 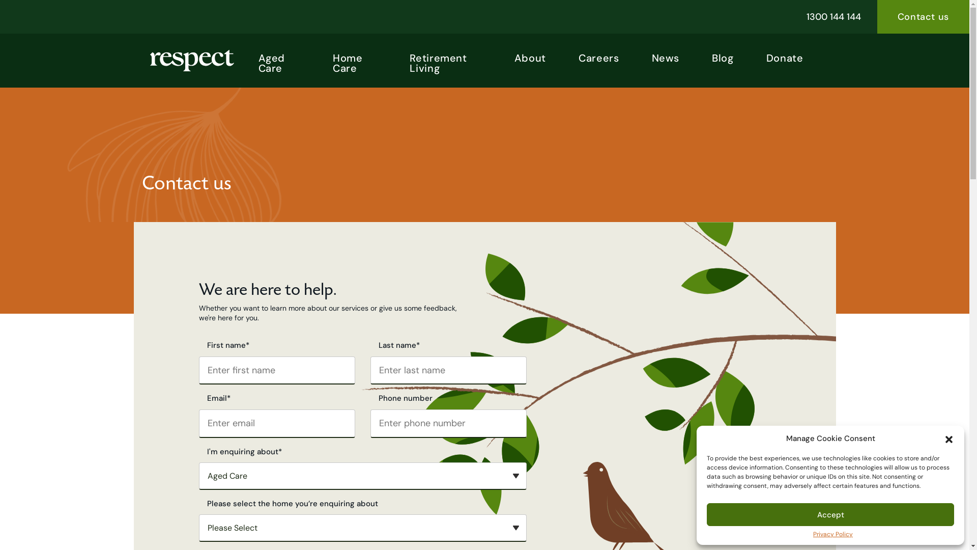 I want to click on 'Accept', so click(x=830, y=514).